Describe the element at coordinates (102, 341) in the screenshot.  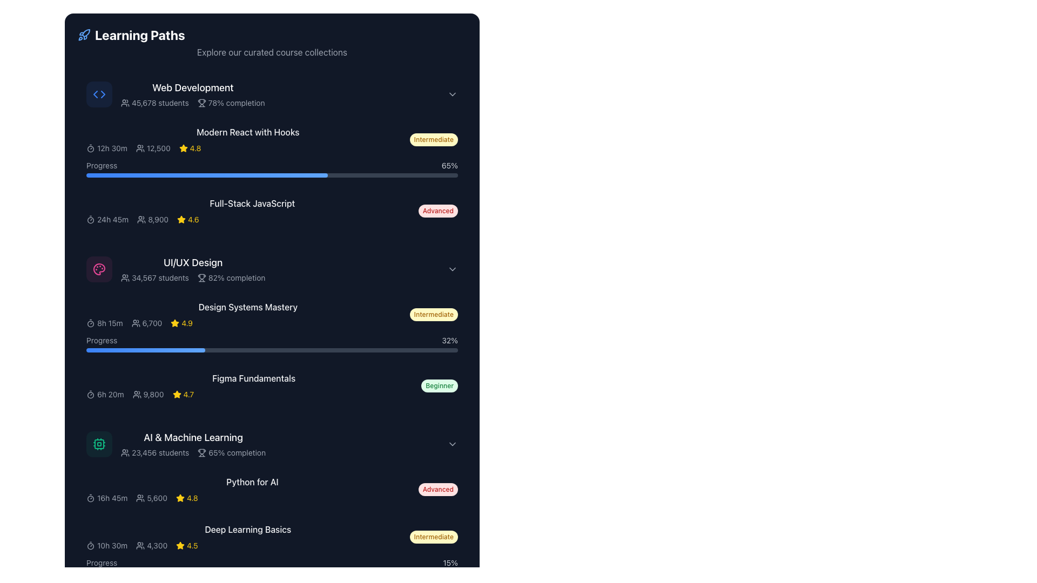
I see `the text label that indicates the progress of the progress bar beneath the 'Design Systems Mastery' course section` at that location.